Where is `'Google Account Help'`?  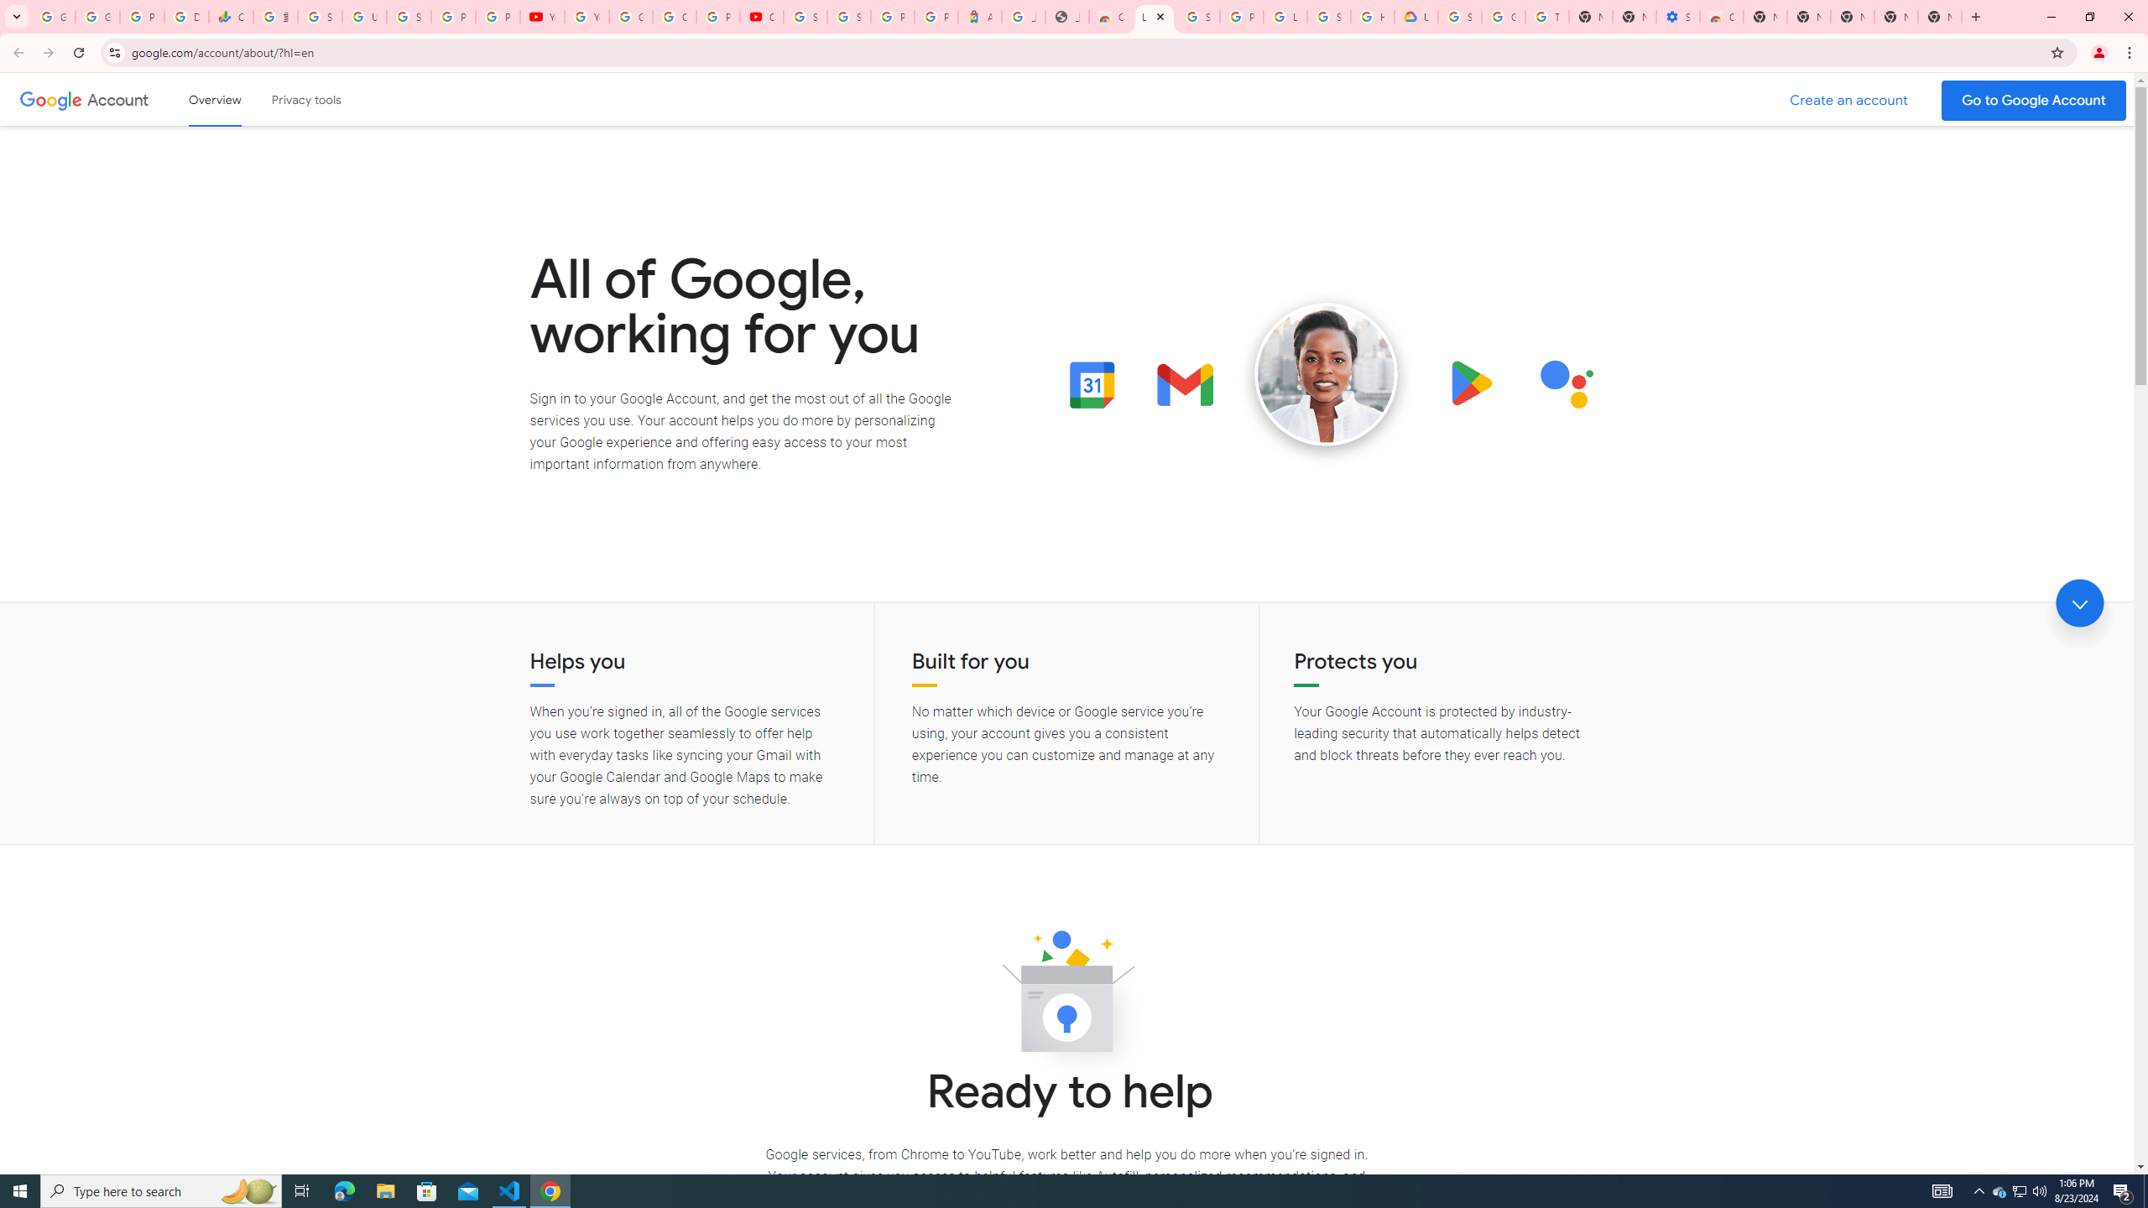
'Google Account Help' is located at coordinates (629, 16).